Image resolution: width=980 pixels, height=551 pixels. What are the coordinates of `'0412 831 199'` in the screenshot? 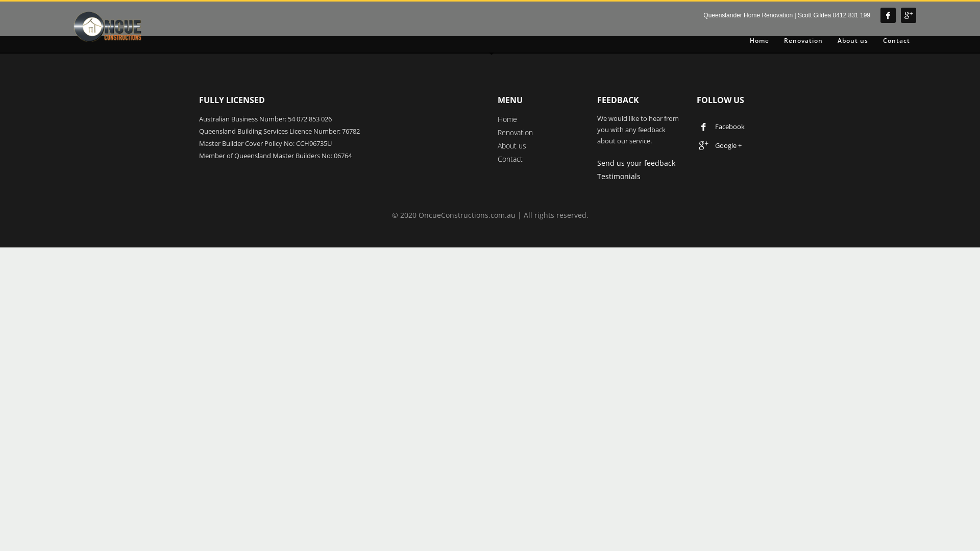 It's located at (851, 15).